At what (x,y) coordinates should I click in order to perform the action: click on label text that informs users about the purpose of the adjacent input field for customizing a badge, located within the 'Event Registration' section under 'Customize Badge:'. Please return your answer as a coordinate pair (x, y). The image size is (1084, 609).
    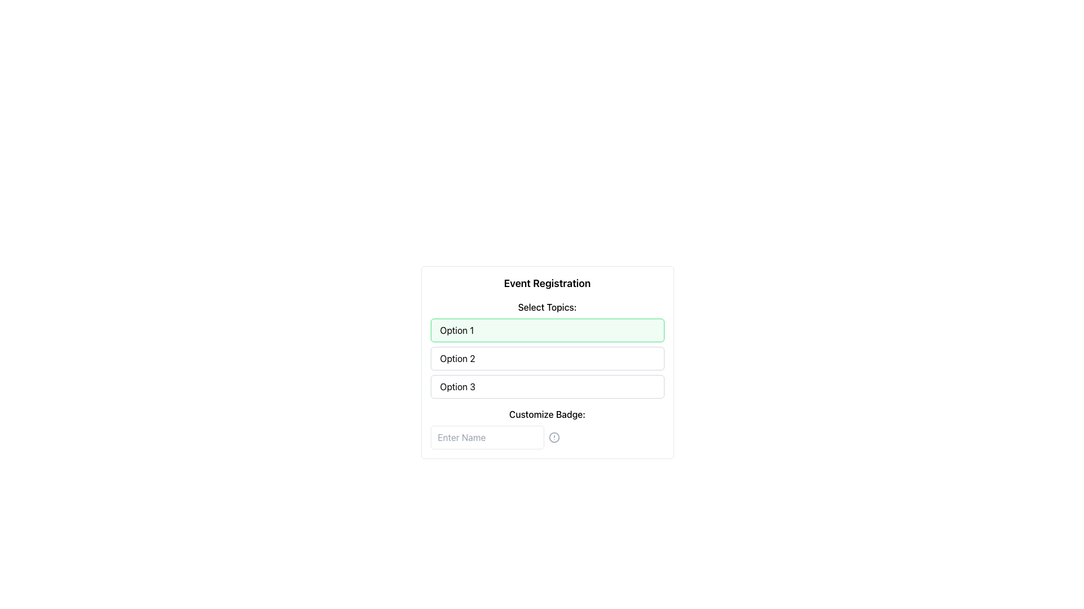
    Looking at the image, I should click on (547, 428).